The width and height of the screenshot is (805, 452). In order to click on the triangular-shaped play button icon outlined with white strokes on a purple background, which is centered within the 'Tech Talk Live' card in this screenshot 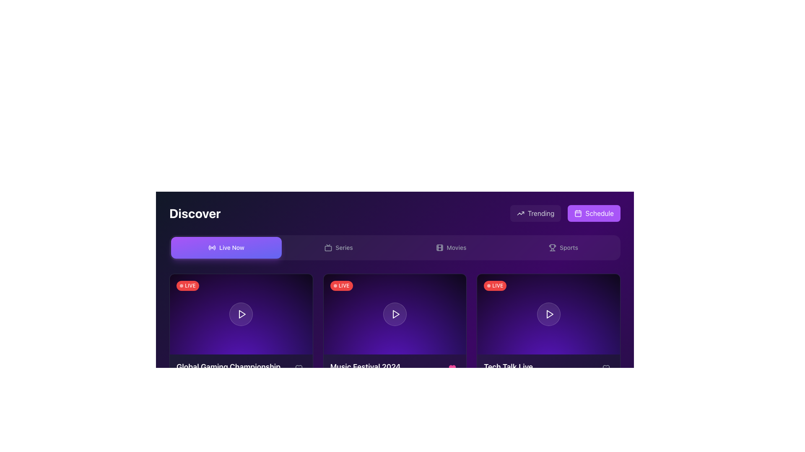, I will do `click(550, 314)`.